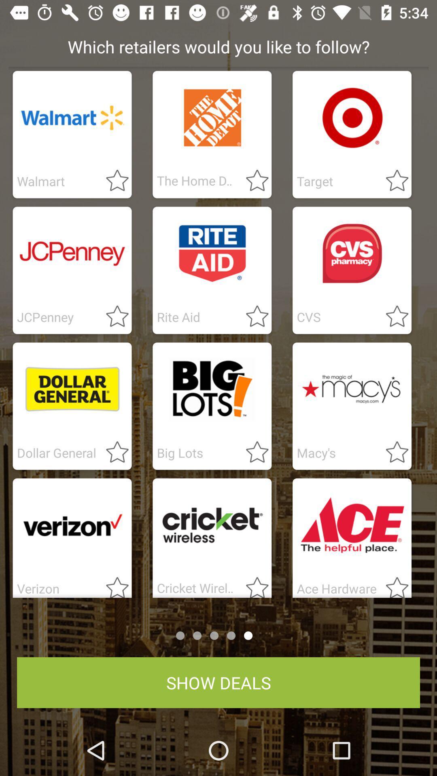  Describe the element at coordinates (392, 453) in the screenshot. I see `to favorite` at that location.